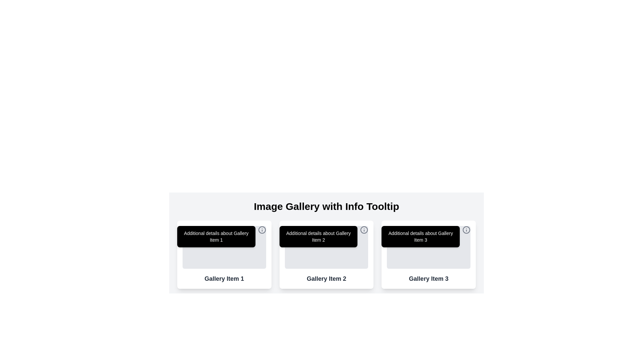 The width and height of the screenshot is (642, 361). What do you see at coordinates (466, 229) in the screenshot?
I see `the Circle SVG Element located at the top-right corner of the tooltip box for 'Gallery Item 3', which indicates an interactive area for accessing additional information` at bounding box center [466, 229].